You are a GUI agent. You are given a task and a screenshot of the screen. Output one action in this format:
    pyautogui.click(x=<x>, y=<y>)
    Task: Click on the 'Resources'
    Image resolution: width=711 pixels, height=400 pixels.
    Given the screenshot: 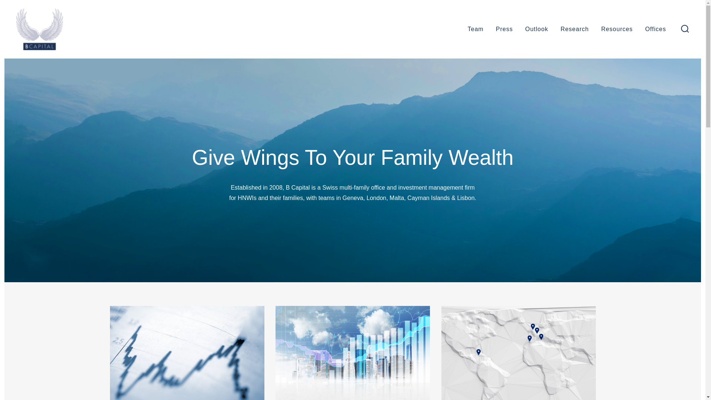 What is the action you would take?
    pyautogui.click(x=617, y=29)
    